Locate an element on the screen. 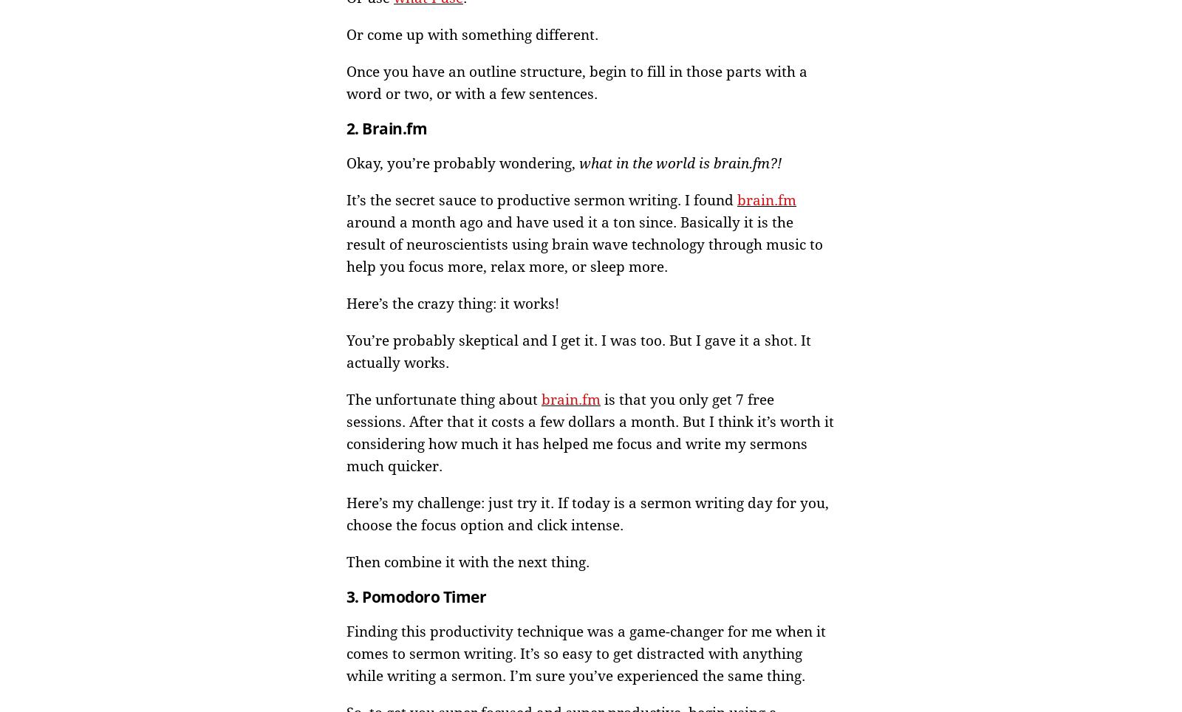 This screenshot has width=1182, height=712. 'Here’s the crazy thing: it works!' is located at coordinates (452, 302).